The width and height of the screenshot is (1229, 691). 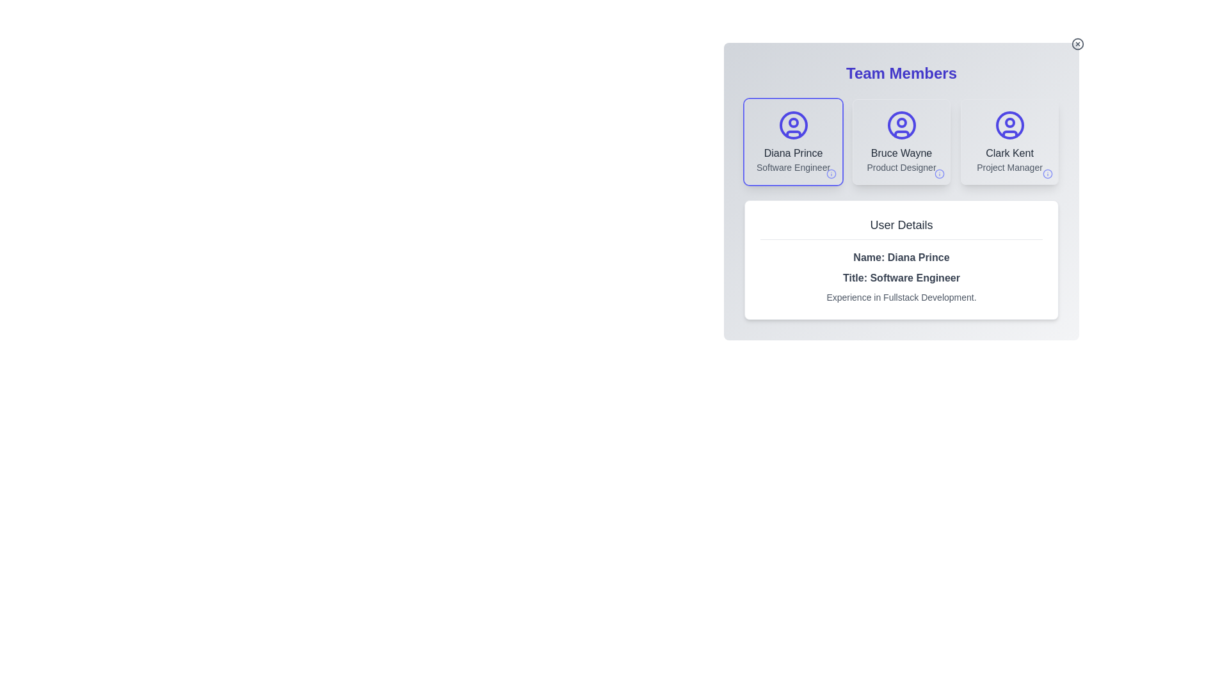 What do you see at coordinates (1047, 174) in the screenshot?
I see `the small circular light indigo icon with an 'i' inside, located at the bottom-right corner of the 'Clark Kent' card` at bounding box center [1047, 174].